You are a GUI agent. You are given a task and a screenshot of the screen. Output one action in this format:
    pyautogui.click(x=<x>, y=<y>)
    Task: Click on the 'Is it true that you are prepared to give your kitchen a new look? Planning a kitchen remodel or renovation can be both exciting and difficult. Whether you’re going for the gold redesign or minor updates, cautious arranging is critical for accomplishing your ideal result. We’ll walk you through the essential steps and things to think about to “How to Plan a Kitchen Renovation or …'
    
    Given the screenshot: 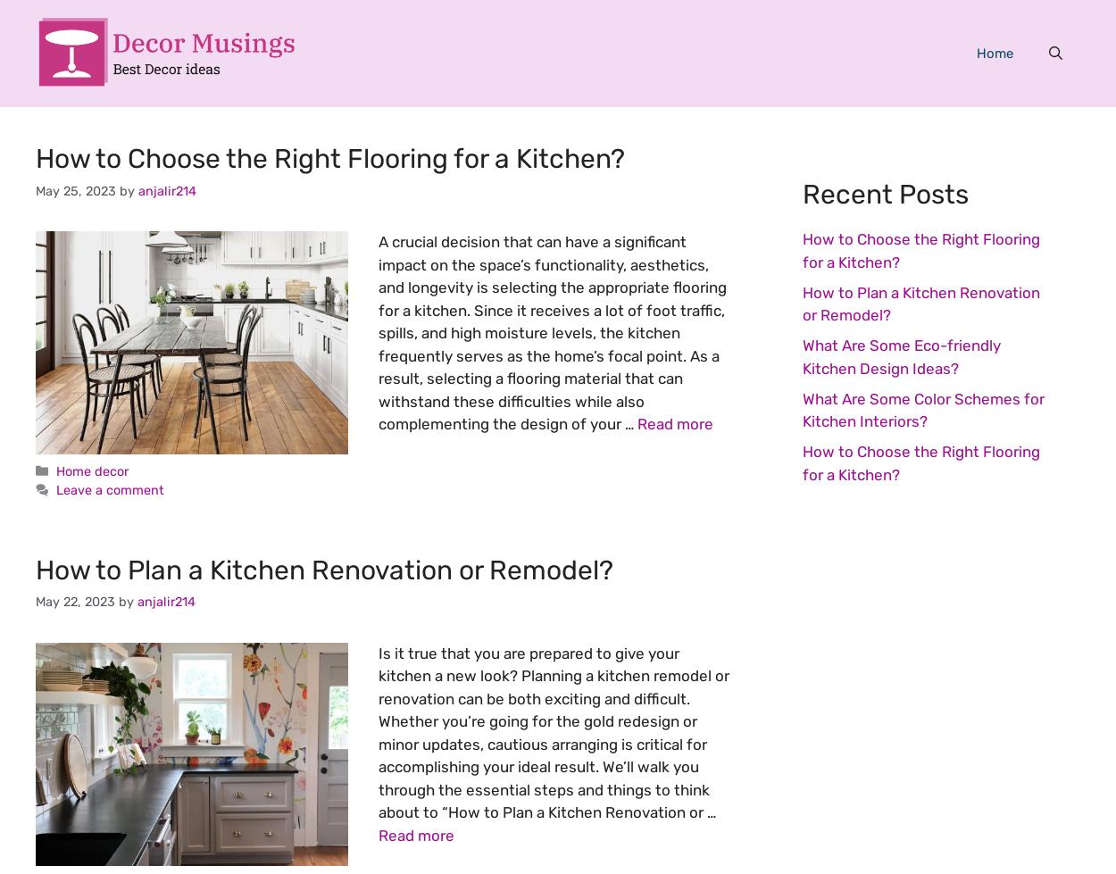 What is the action you would take?
    pyautogui.click(x=379, y=731)
    